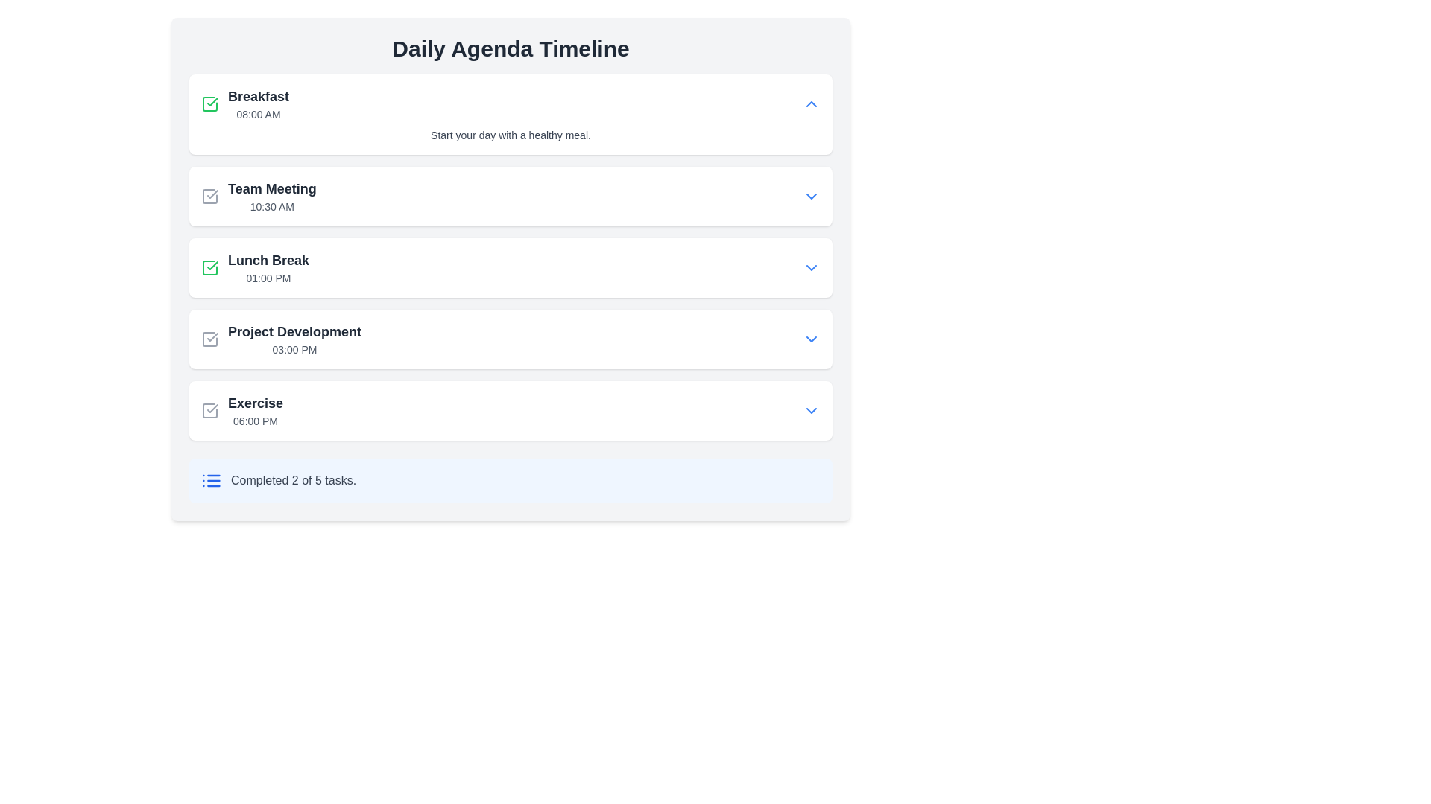 The height and width of the screenshot is (804, 1431). What do you see at coordinates (255, 421) in the screenshot?
I see `the time specified in the Text label located directly below the 'Exercise' text label in the last item of the list` at bounding box center [255, 421].